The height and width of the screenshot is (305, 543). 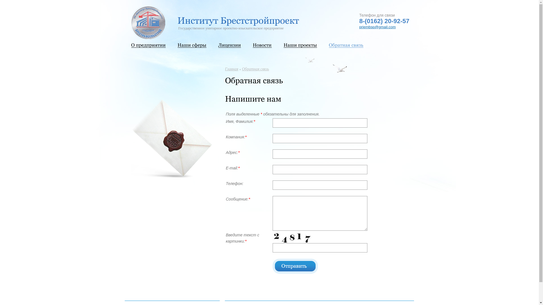 What do you see at coordinates (377, 27) in the screenshot?
I see `'priembsp@gmail.com'` at bounding box center [377, 27].